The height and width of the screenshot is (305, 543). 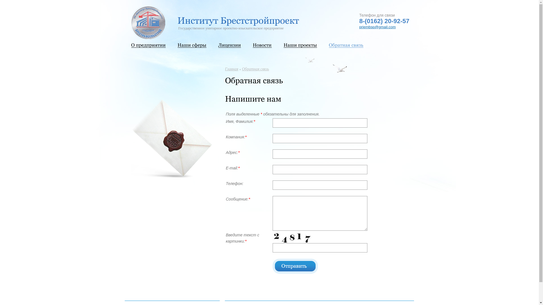 What do you see at coordinates (377, 27) in the screenshot?
I see `'priembsp@gmail.com'` at bounding box center [377, 27].